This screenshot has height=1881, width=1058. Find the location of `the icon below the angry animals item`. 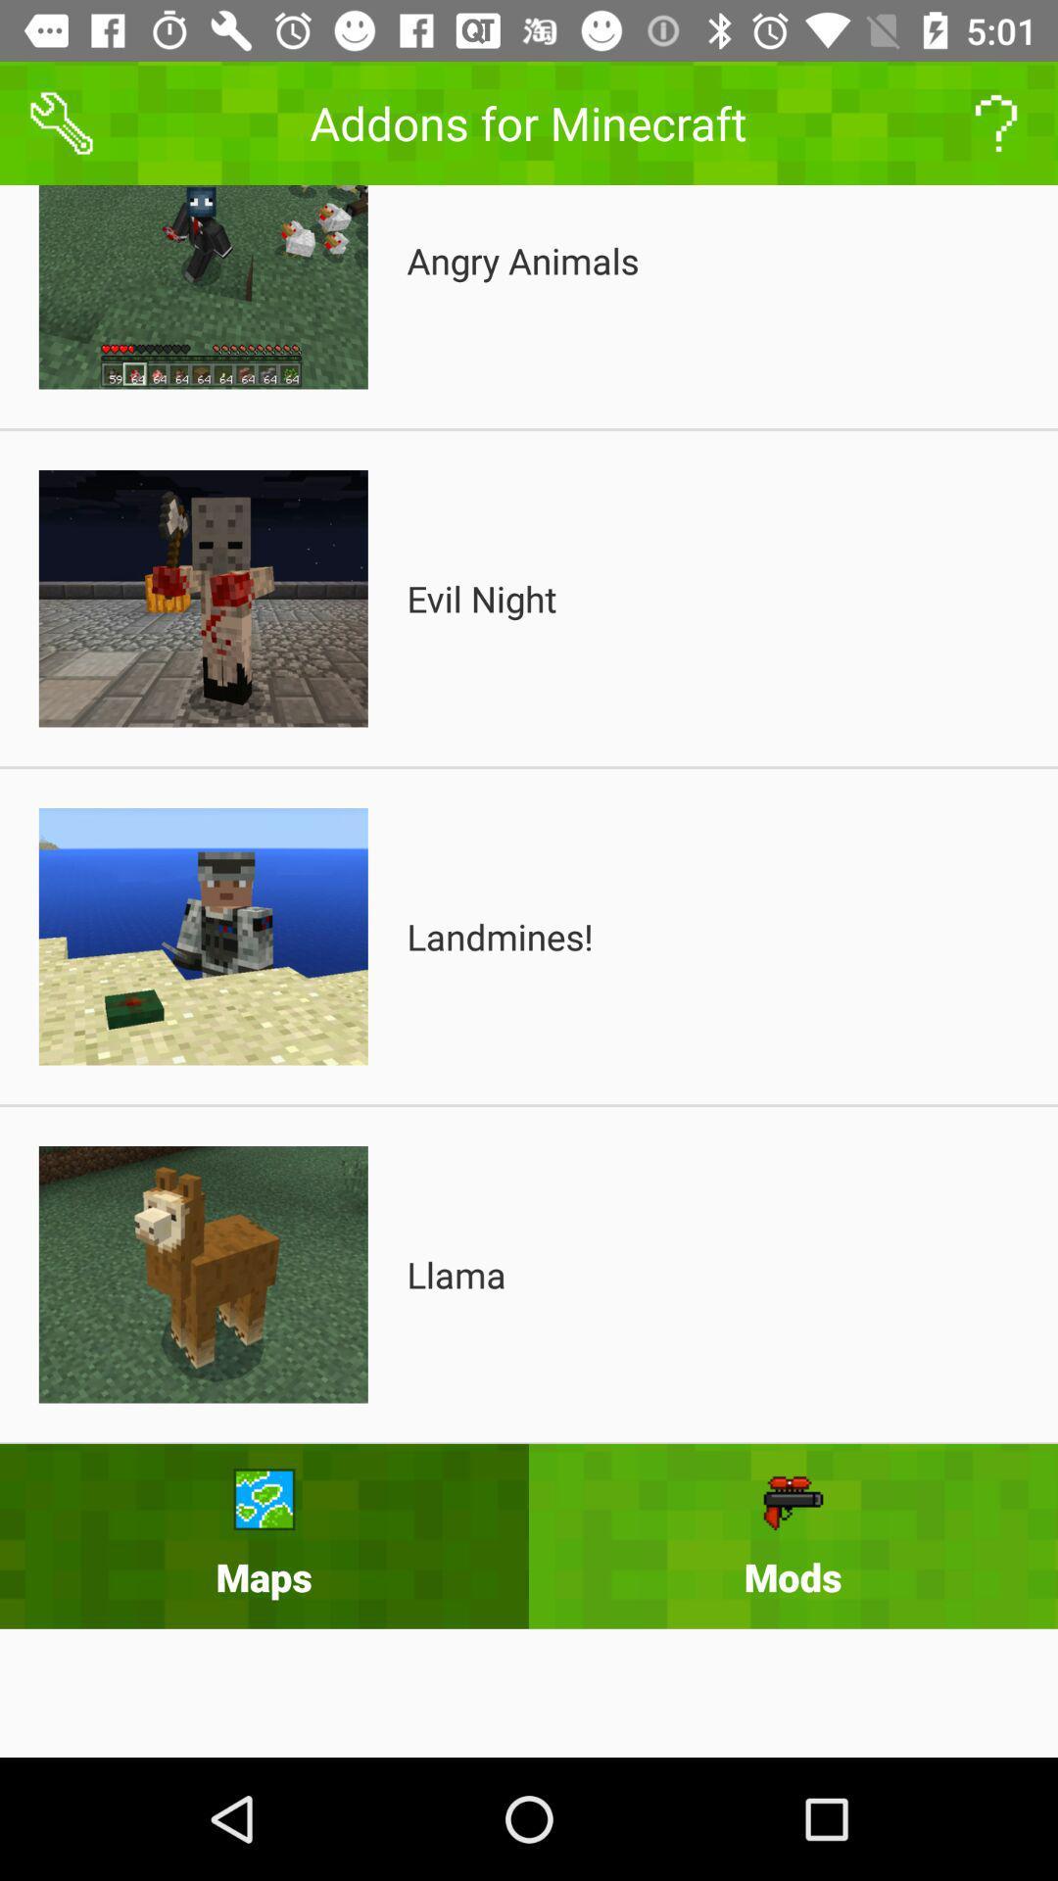

the icon below the angry animals item is located at coordinates (482, 598).